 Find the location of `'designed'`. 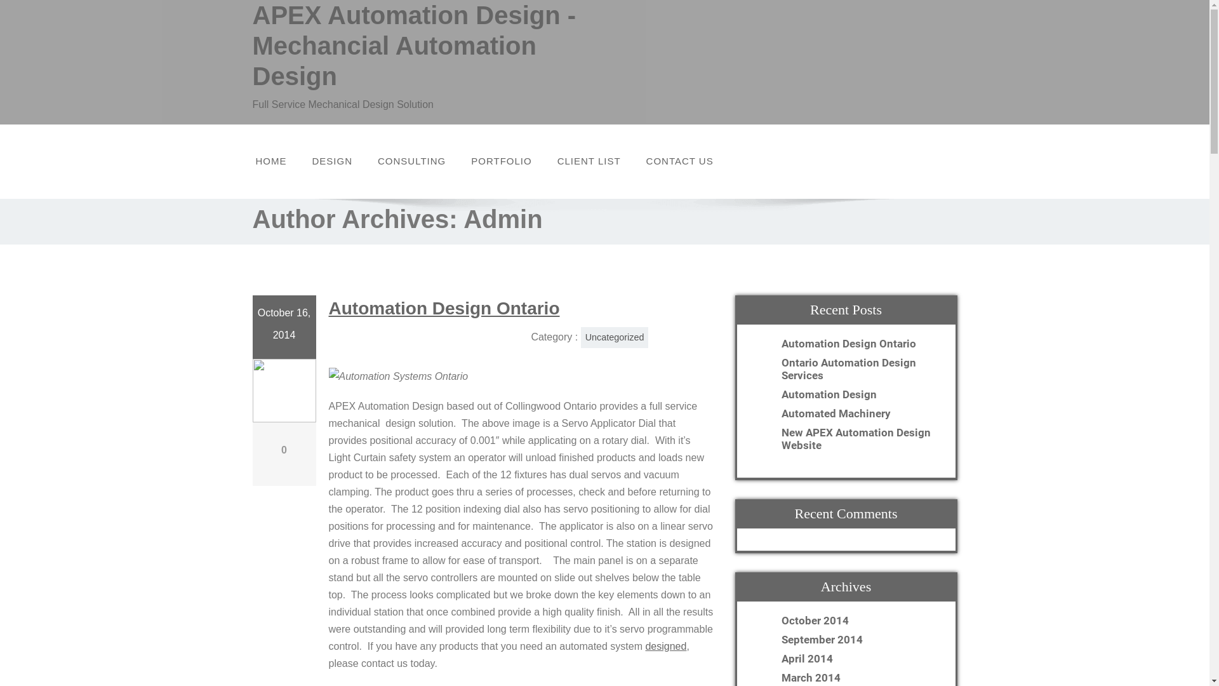

'designed' is located at coordinates (665, 646).